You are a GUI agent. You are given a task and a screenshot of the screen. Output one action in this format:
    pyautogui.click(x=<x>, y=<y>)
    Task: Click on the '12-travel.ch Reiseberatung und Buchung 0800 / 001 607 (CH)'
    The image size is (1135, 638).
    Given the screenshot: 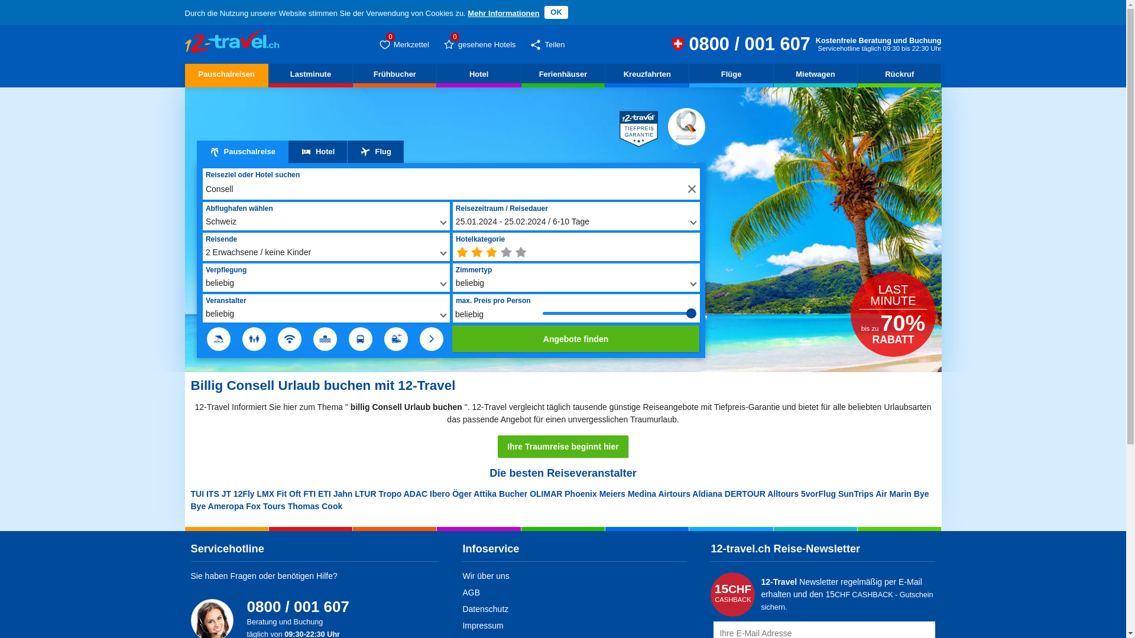 What is the action you would take?
    pyautogui.click(x=679, y=43)
    